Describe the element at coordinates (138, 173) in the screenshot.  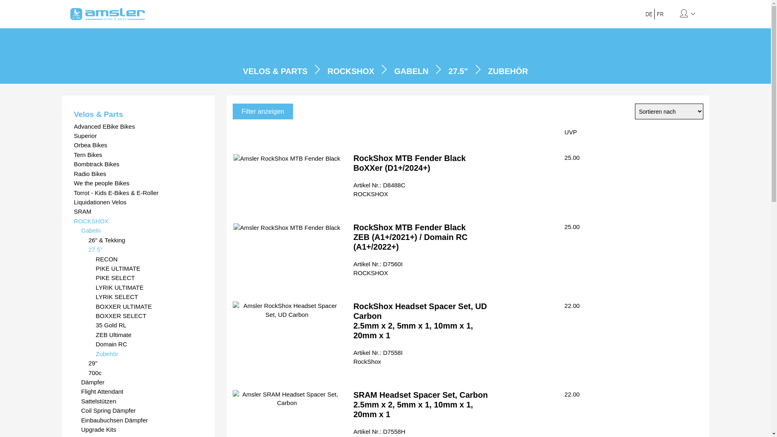
I see `'Radio Bikes'` at that location.